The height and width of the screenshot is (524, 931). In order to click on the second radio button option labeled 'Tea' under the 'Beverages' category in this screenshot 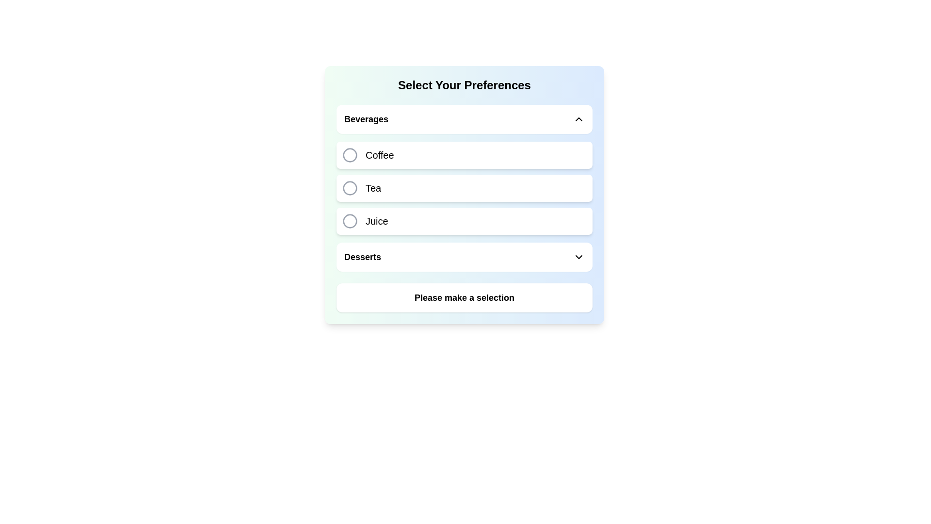, I will do `click(349, 188)`.